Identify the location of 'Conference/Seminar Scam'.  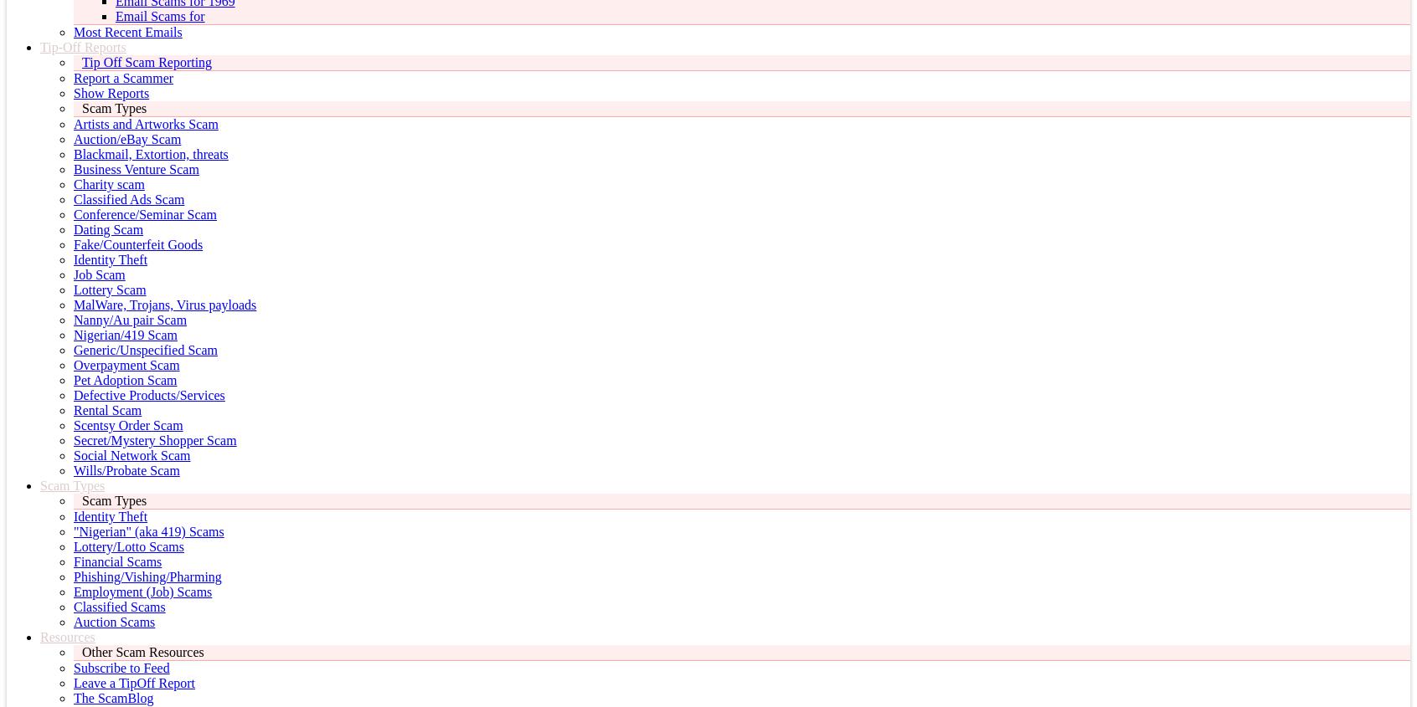
(144, 214).